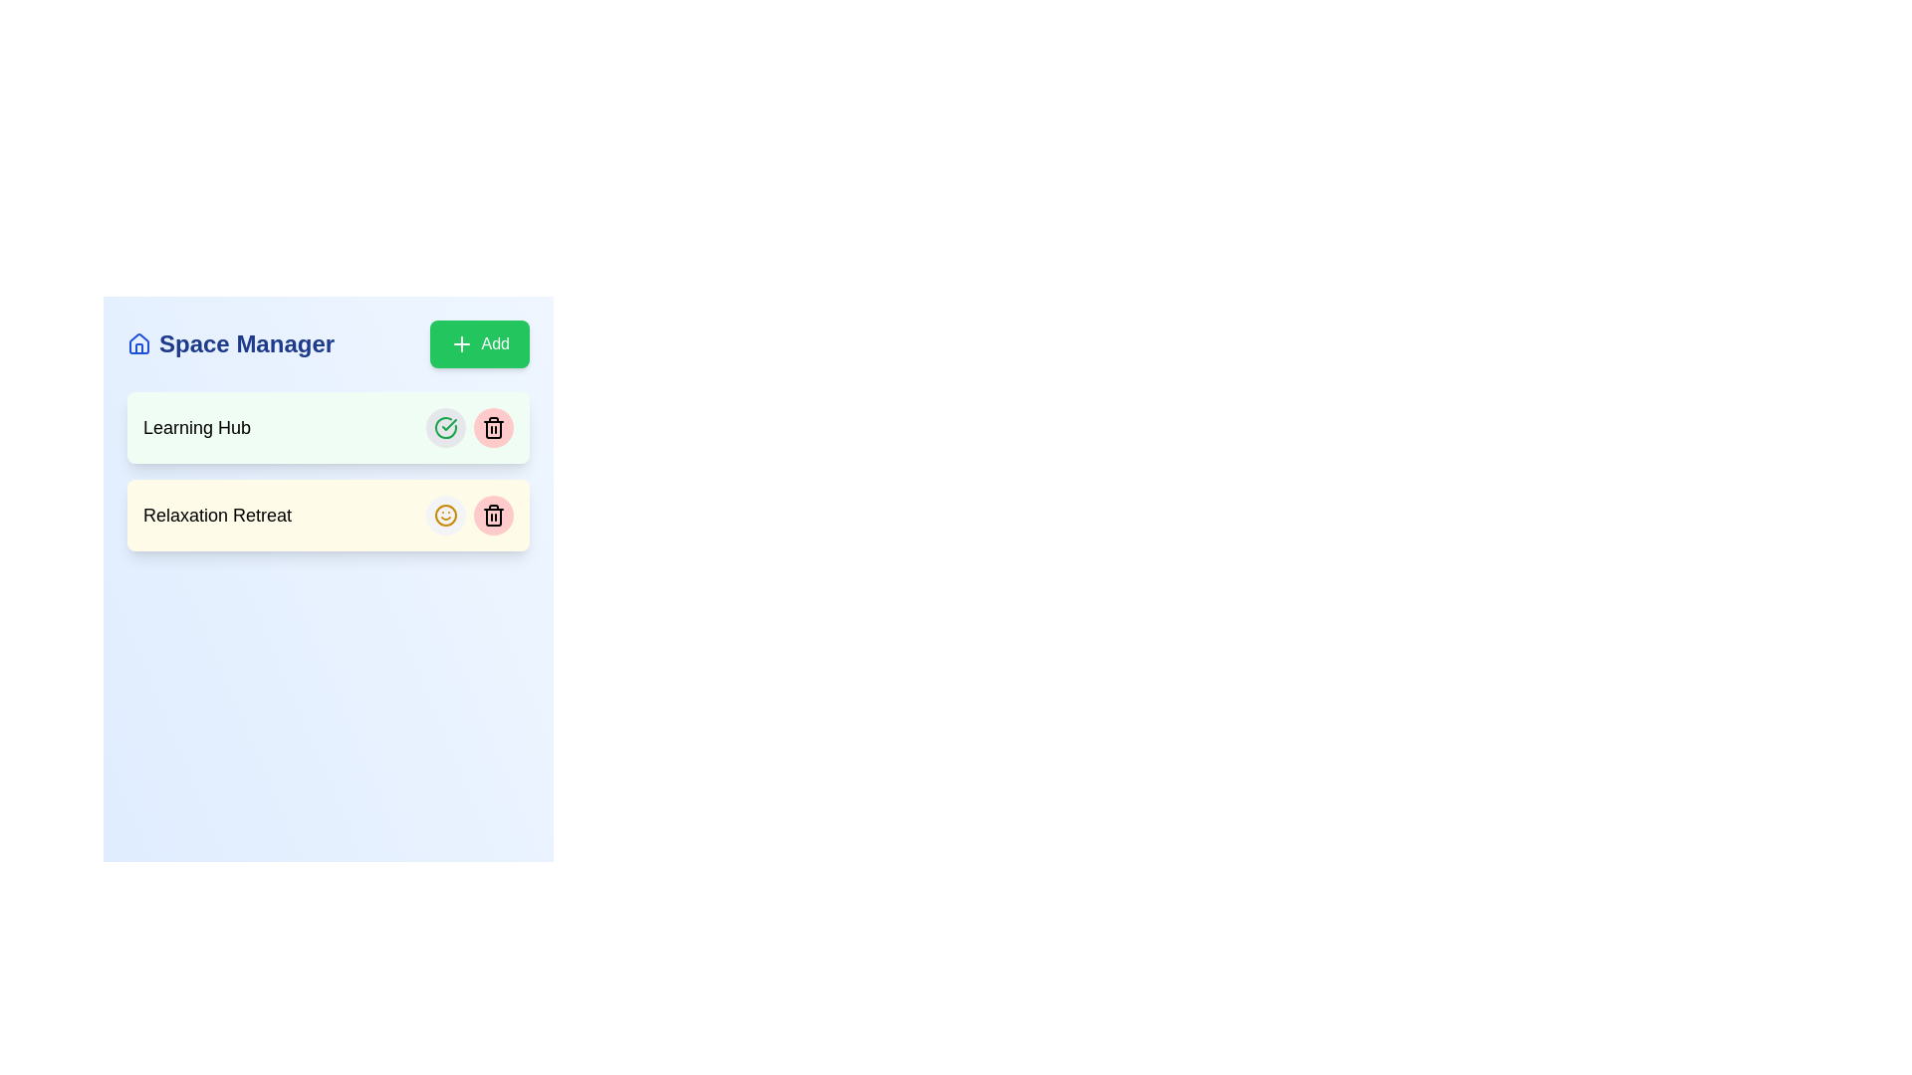 The image size is (1912, 1075). Describe the element at coordinates (444, 514) in the screenshot. I see `the circular button with a yellow smiley face symbol, which is the leftmost interactive button in the 'Relaxation Retreat' entry row` at that location.